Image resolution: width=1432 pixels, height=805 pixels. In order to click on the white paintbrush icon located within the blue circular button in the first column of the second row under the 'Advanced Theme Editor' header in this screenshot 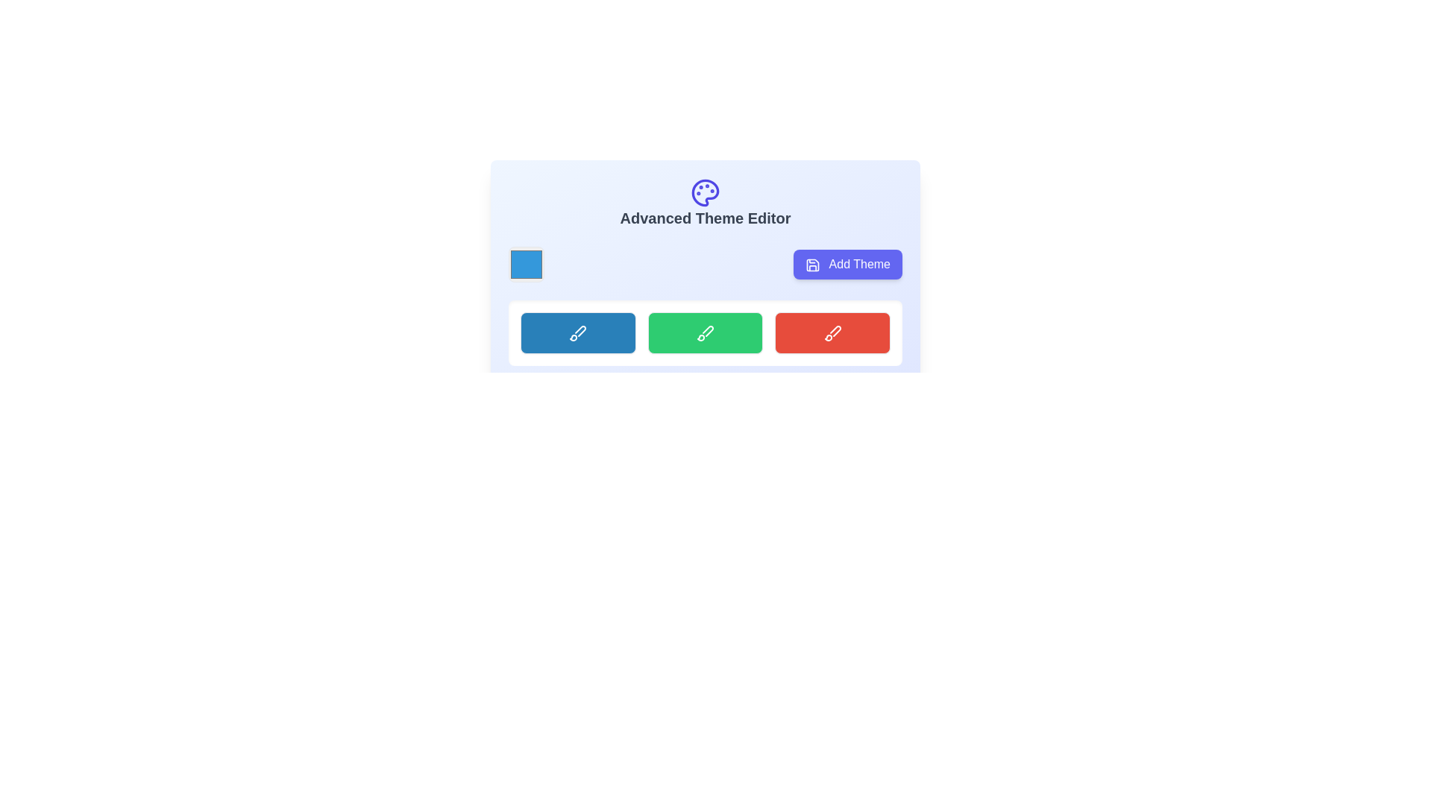, I will do `click(577, 332)`.